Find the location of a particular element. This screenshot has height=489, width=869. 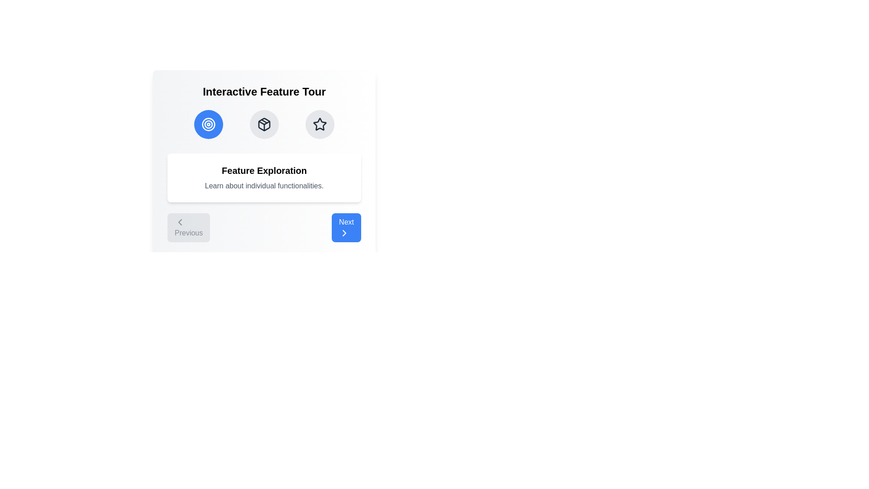

the gray text label 'Learn about individual functionalities.' located below the bold title 'Feature Exploration' is located at coordinates (264, 186).